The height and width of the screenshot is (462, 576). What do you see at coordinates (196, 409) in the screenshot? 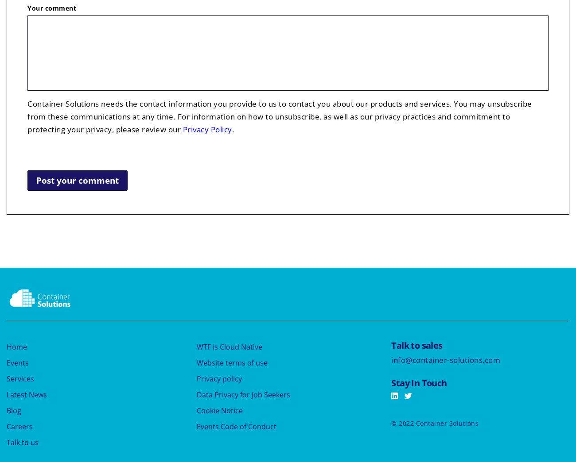
I see `'Cookie Notice'` at bounding box center [196, 409].